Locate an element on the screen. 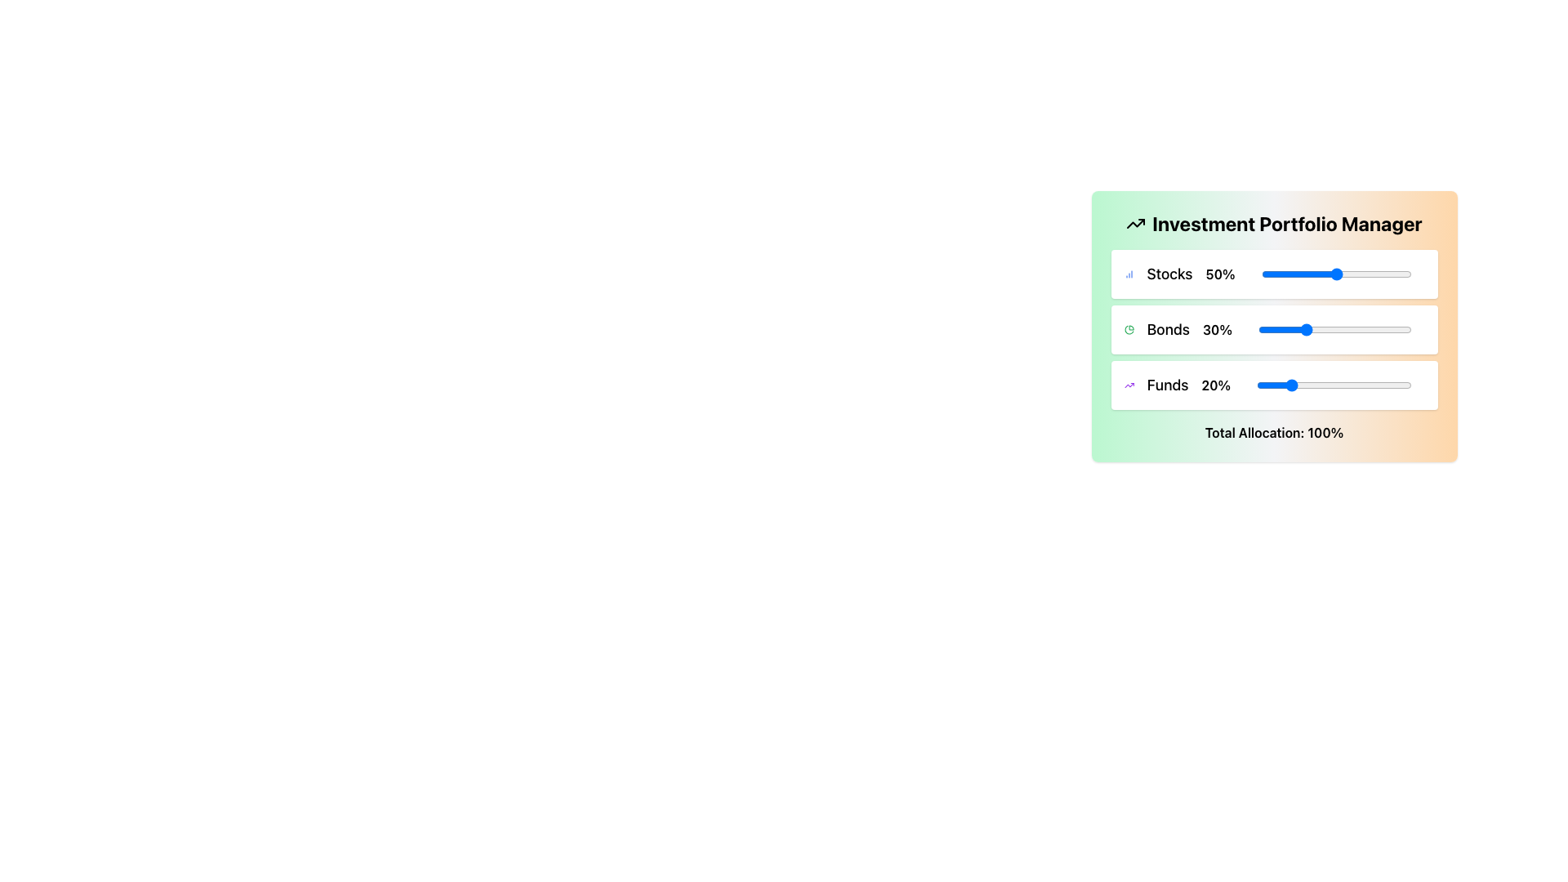 Image resolution: width=1568 pixels, height=882 pixels. the allocation percentage of the Stocks slider is located at coordinates (1301, 273).